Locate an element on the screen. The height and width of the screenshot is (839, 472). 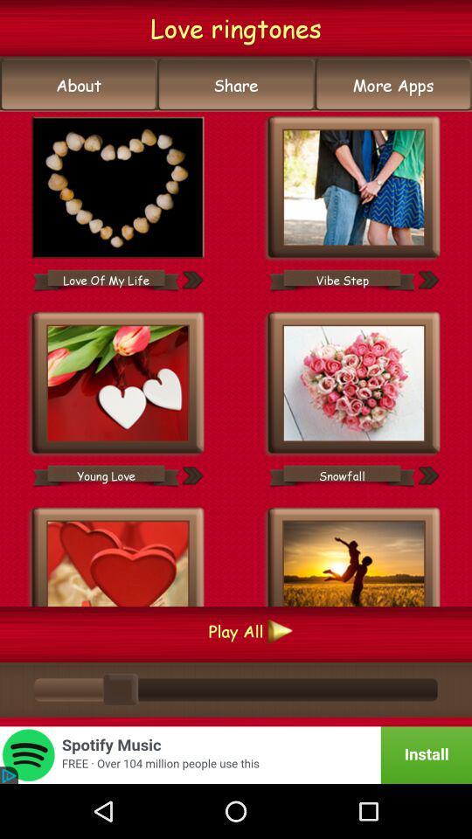
the vibe step is located at coordinates (342, 280).